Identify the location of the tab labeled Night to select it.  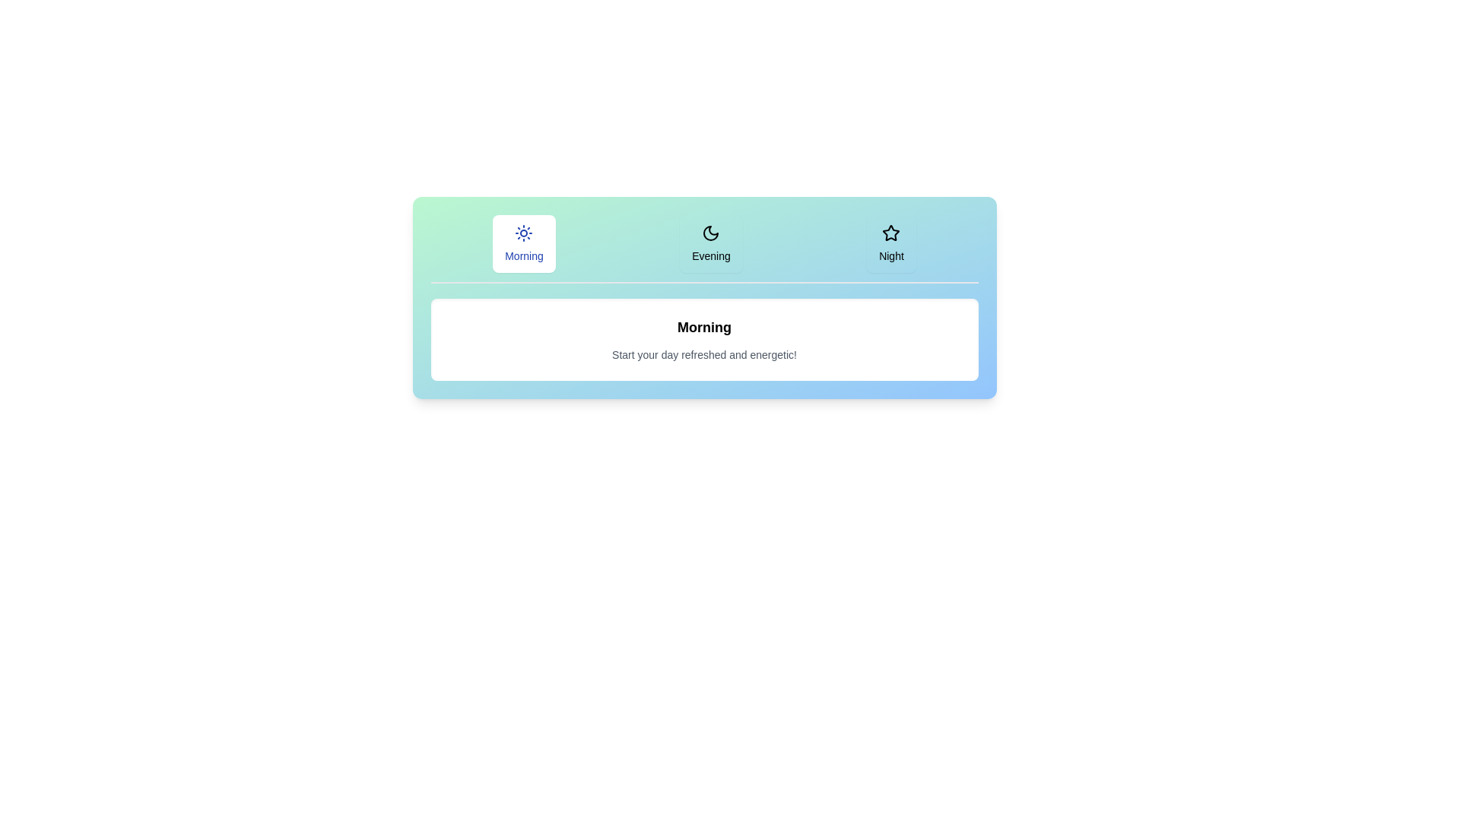
(890, 242).